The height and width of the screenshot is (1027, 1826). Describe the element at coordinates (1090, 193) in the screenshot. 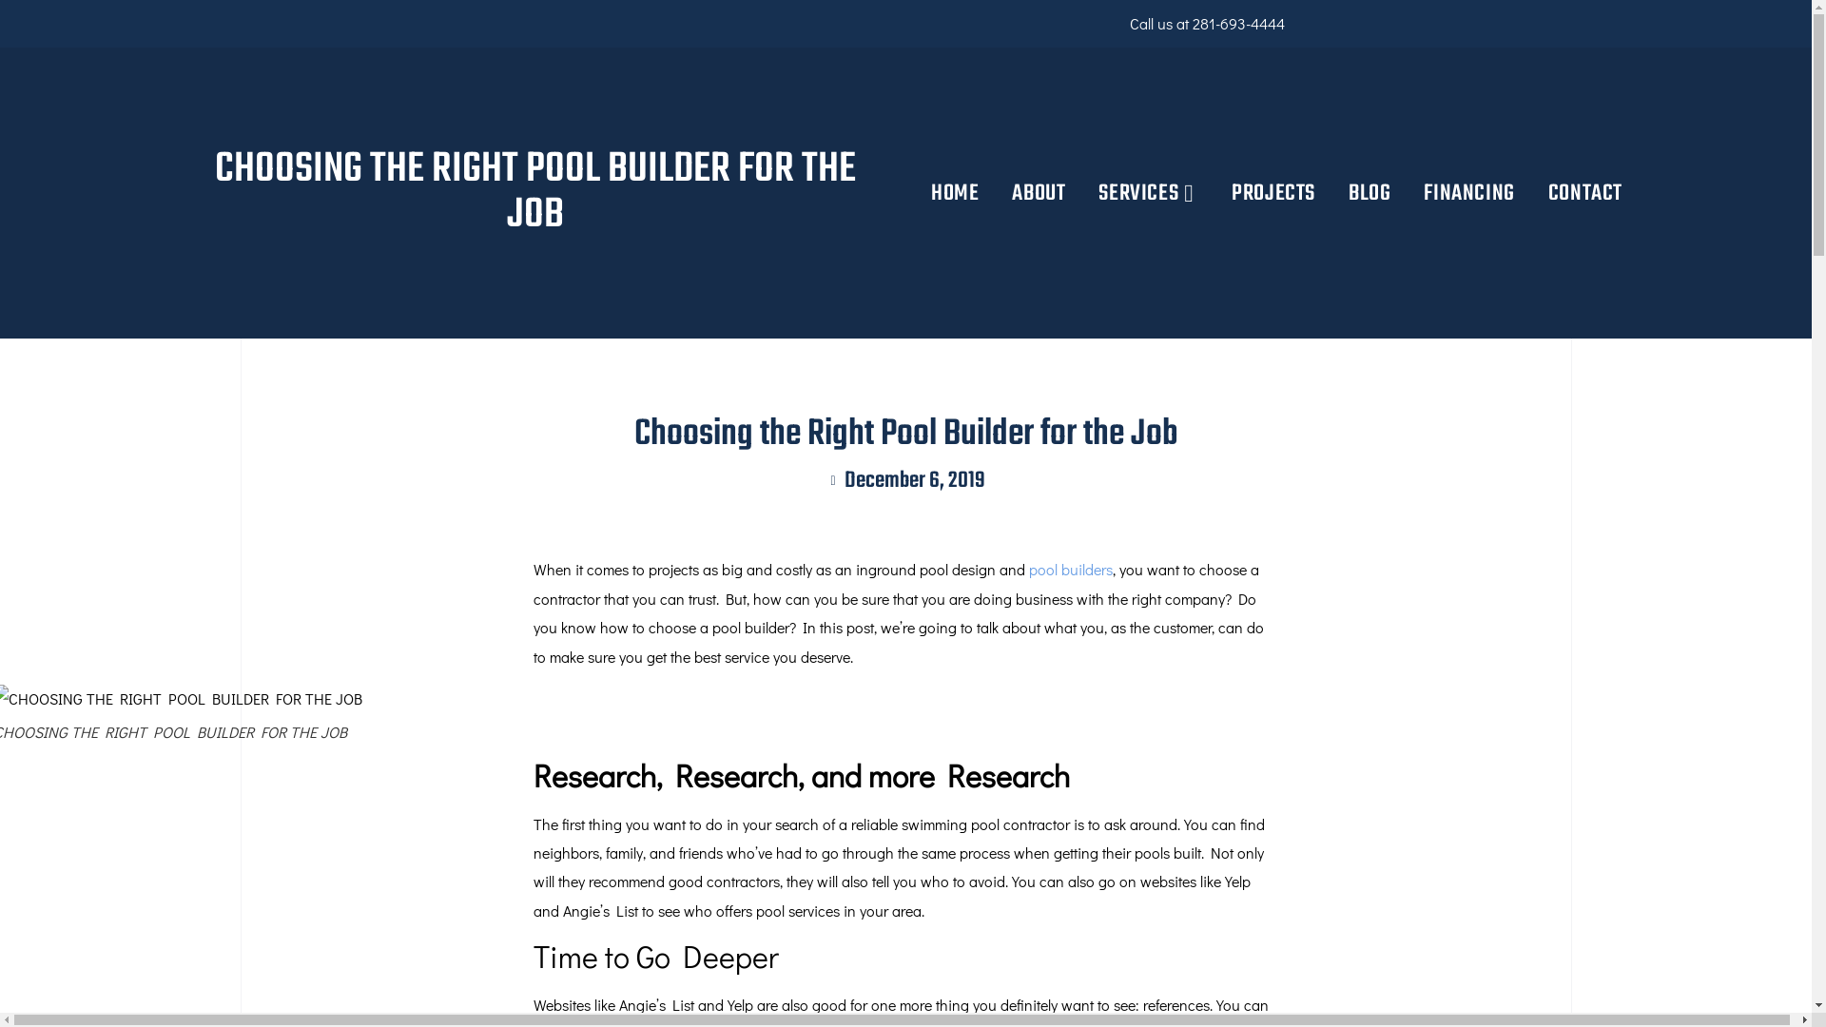

I see `'SERVICES'` at that location.